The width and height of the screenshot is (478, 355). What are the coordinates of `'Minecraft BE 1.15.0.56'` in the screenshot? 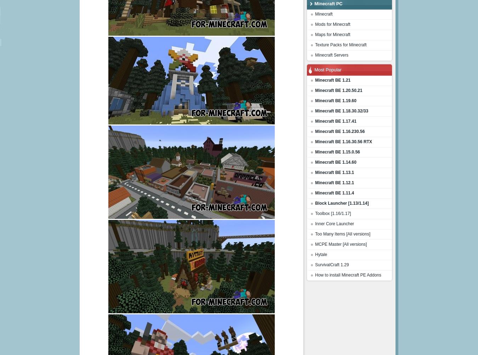 It's located at (337, 152).